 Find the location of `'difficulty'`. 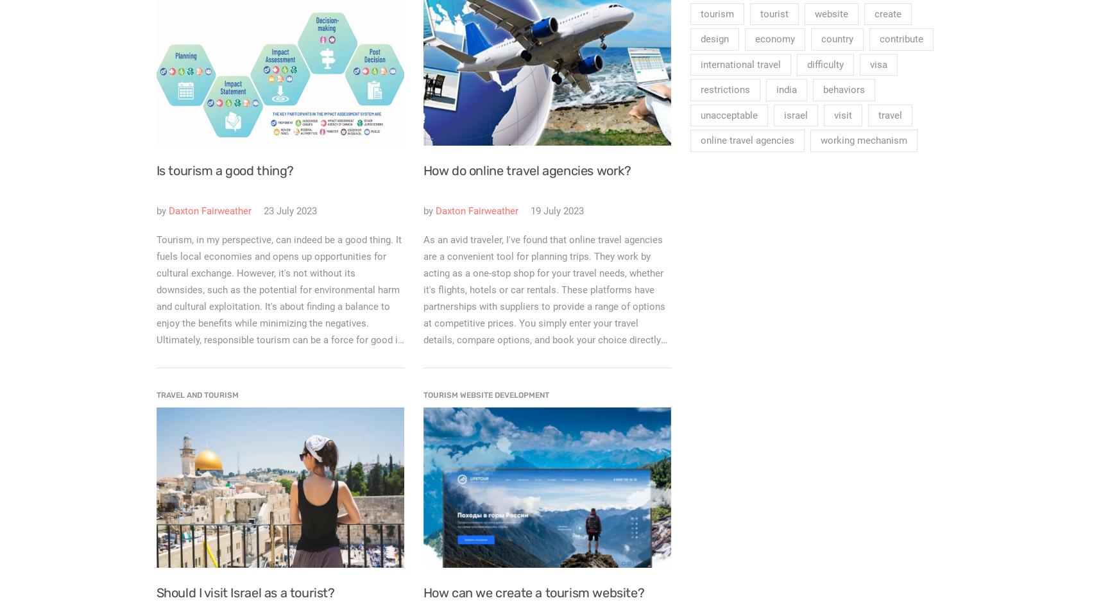

'difficulty' is located at coordinates (825, 63).